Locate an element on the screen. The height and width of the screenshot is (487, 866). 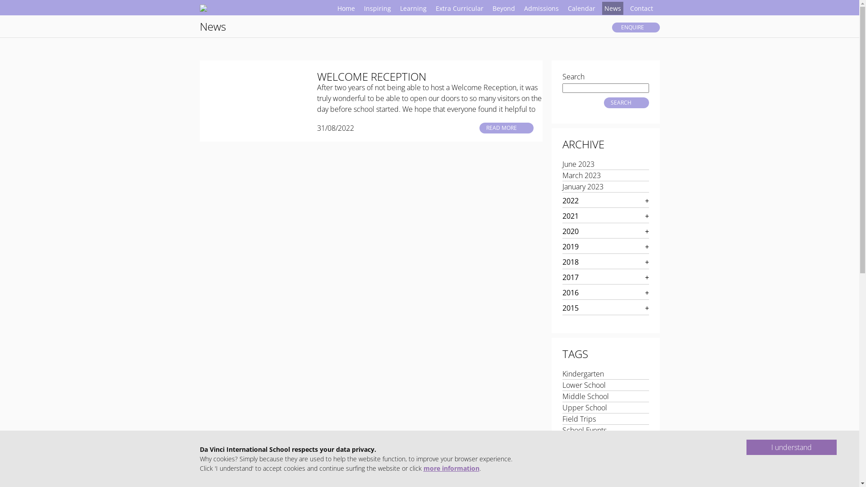
'Beyond' is located at coordinates (503, 8).